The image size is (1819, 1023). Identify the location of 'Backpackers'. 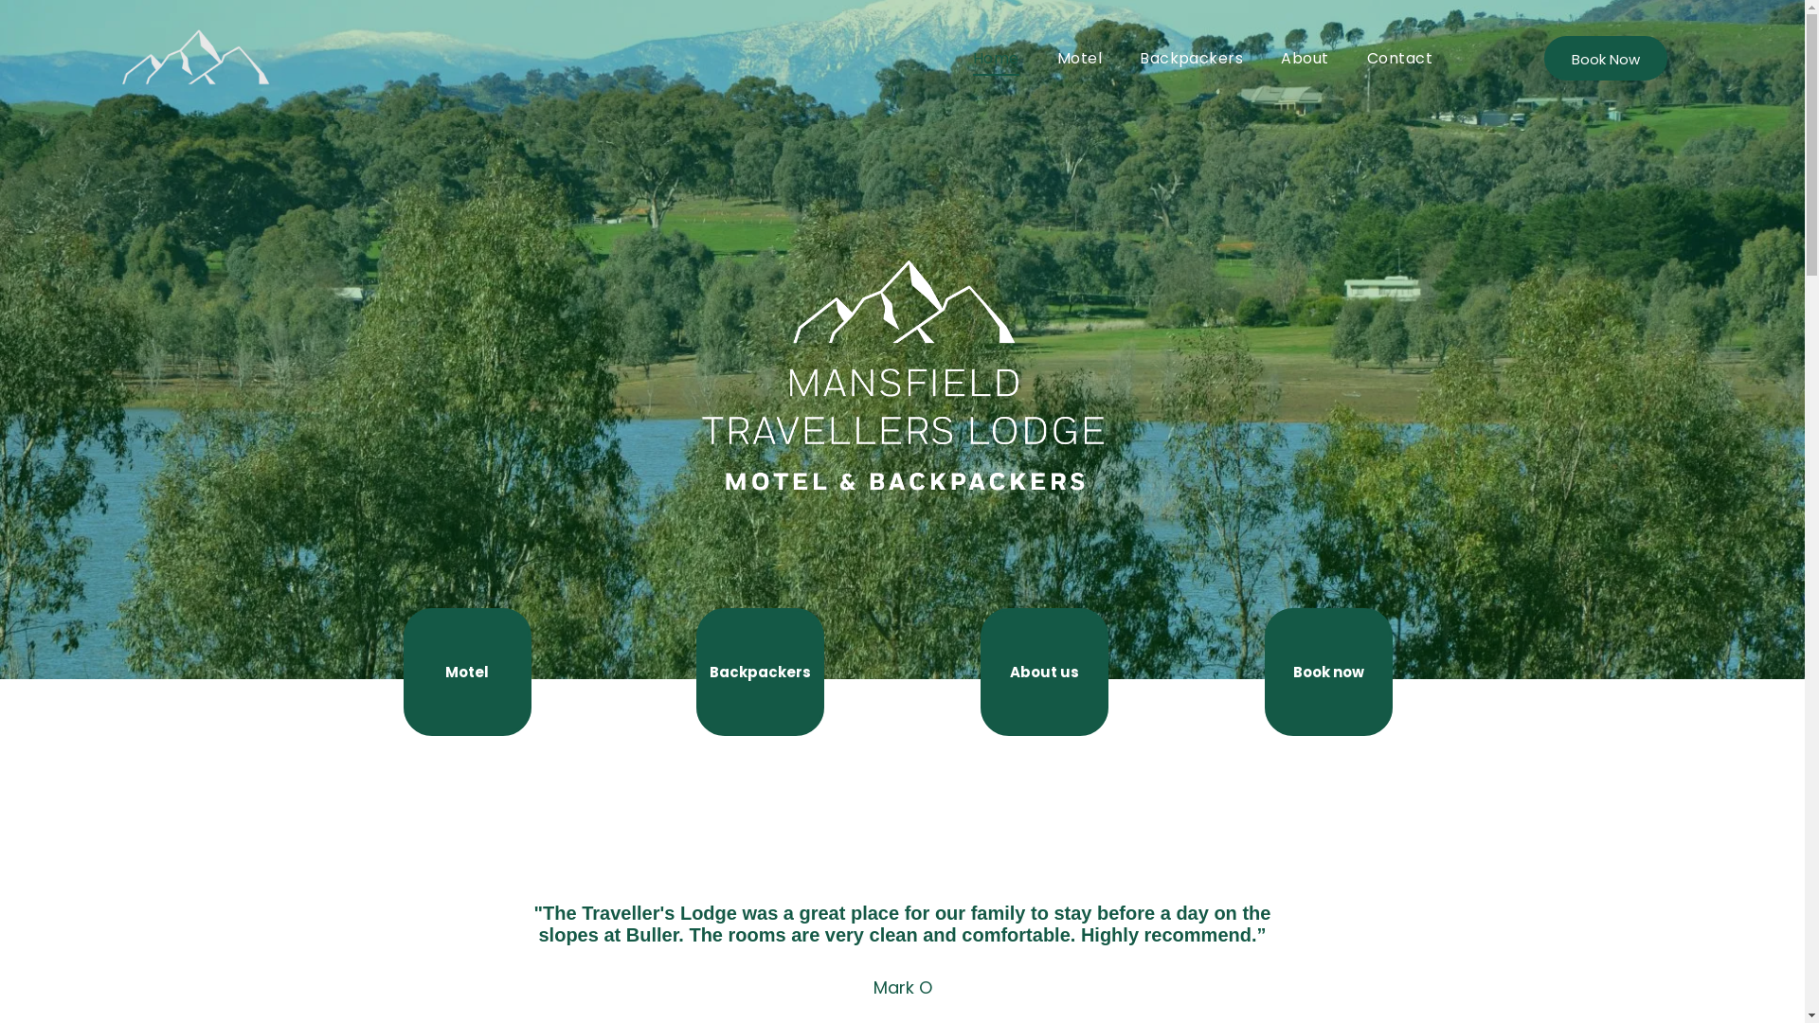
(694, 671).